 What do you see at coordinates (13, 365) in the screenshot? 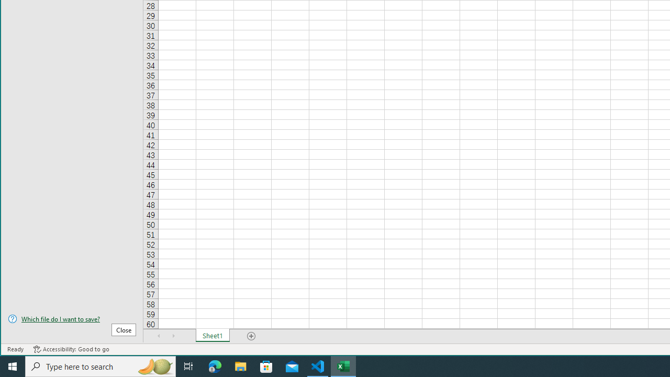
I see `'Start'` at bounding box center [13, 365].